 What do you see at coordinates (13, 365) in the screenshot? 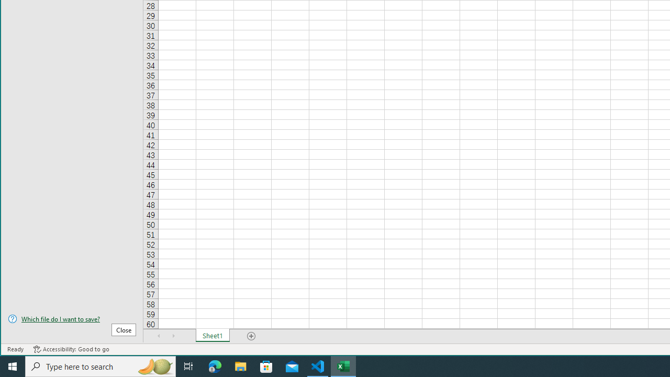
I see `'Start'` at bounding box center [13, 365].